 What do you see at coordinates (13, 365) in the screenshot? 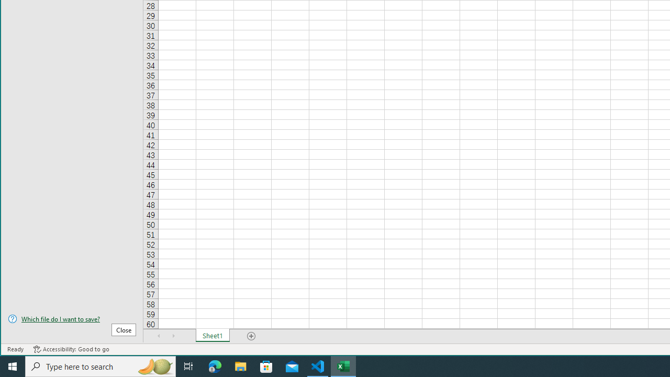
I see `'Start'` at bounding box center [13, 365].